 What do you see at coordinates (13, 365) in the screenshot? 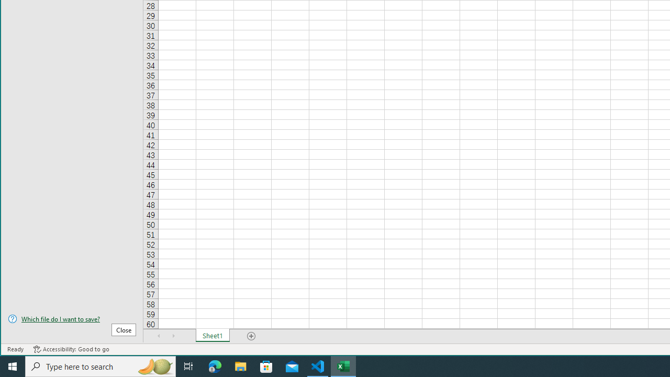
I see `'Start'` at bounding box center [13, 365].